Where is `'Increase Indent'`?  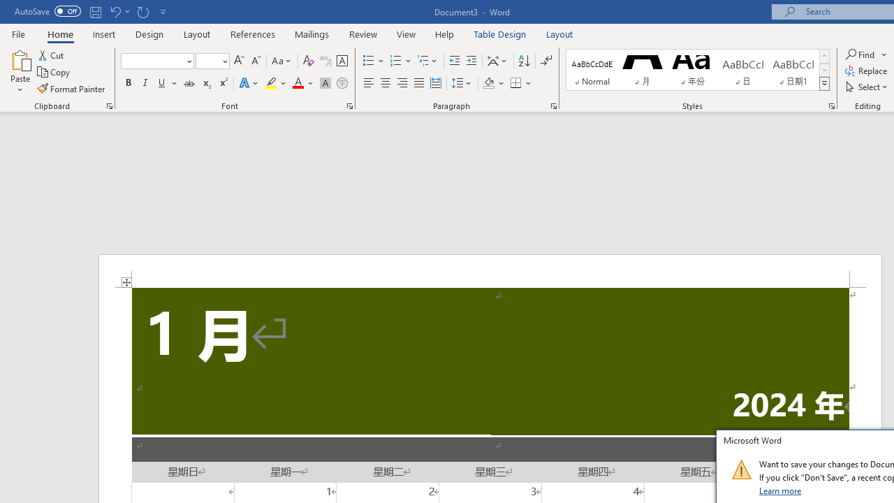 'Increase Indent' is located at coordinates (471, 60).